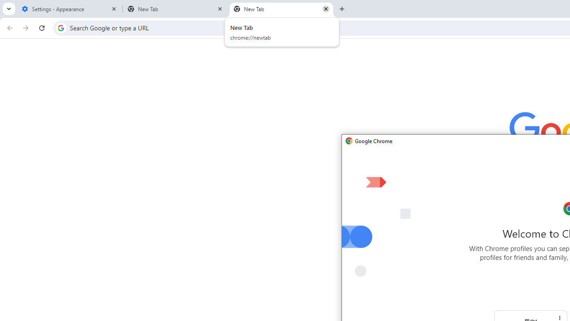  I want to click on 'New Tab', so click(281, 9).